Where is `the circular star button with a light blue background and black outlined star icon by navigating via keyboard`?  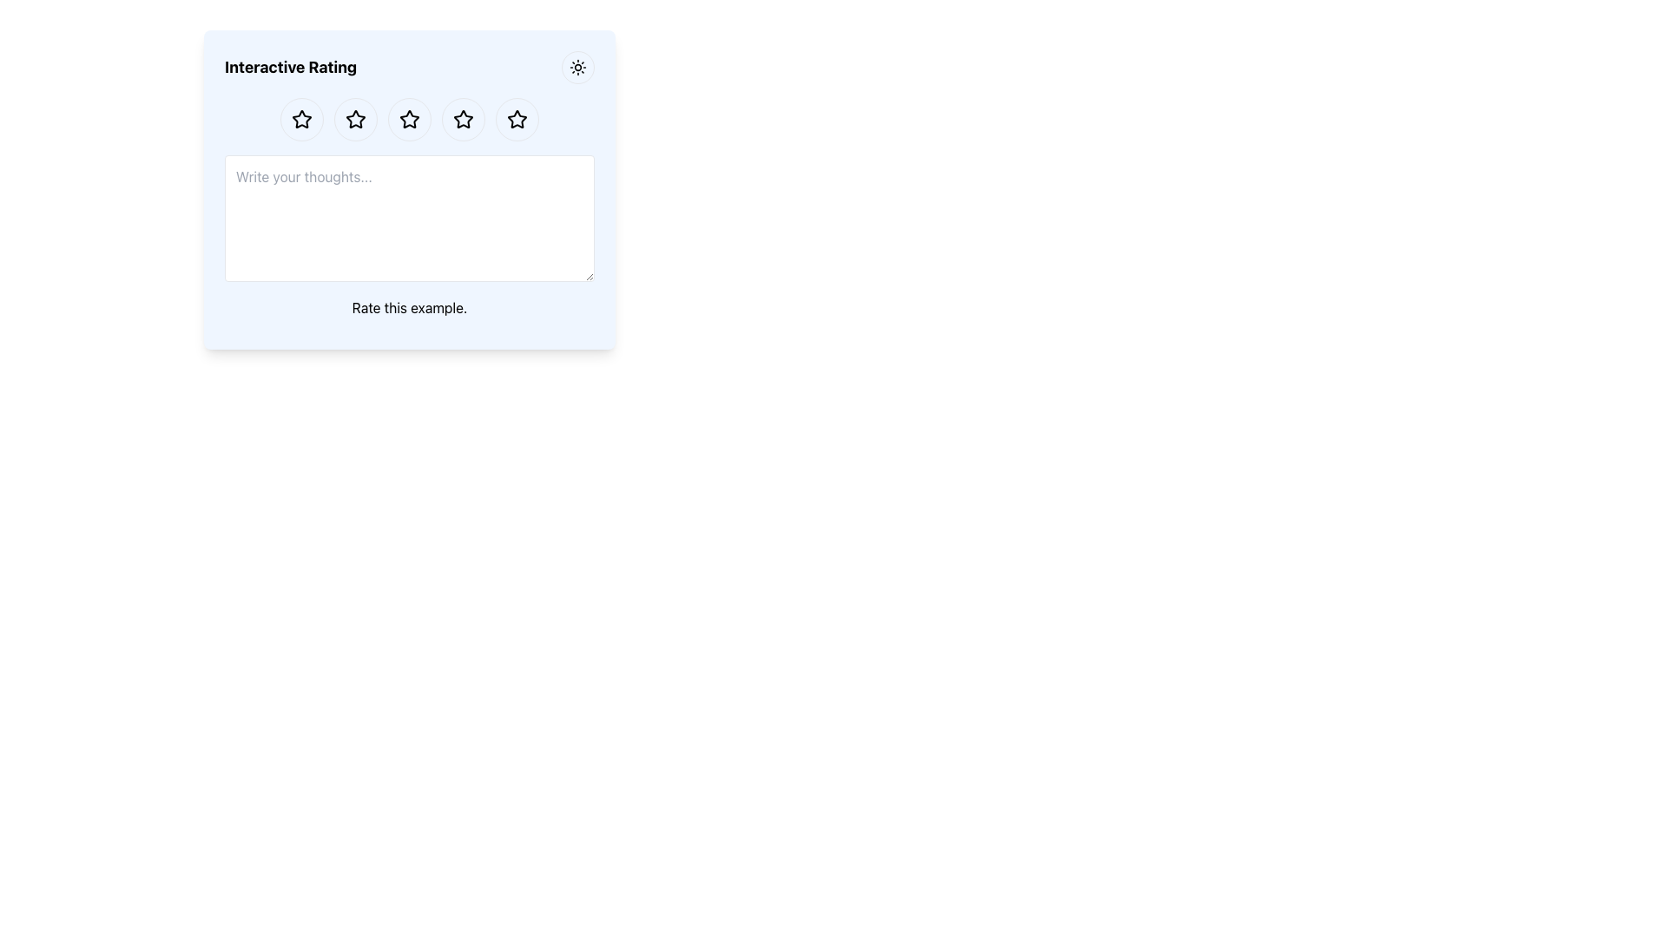
the circular star button with a light blue background and black outlined star icon by navigating via keyboard is located at coordinates (463, 119).